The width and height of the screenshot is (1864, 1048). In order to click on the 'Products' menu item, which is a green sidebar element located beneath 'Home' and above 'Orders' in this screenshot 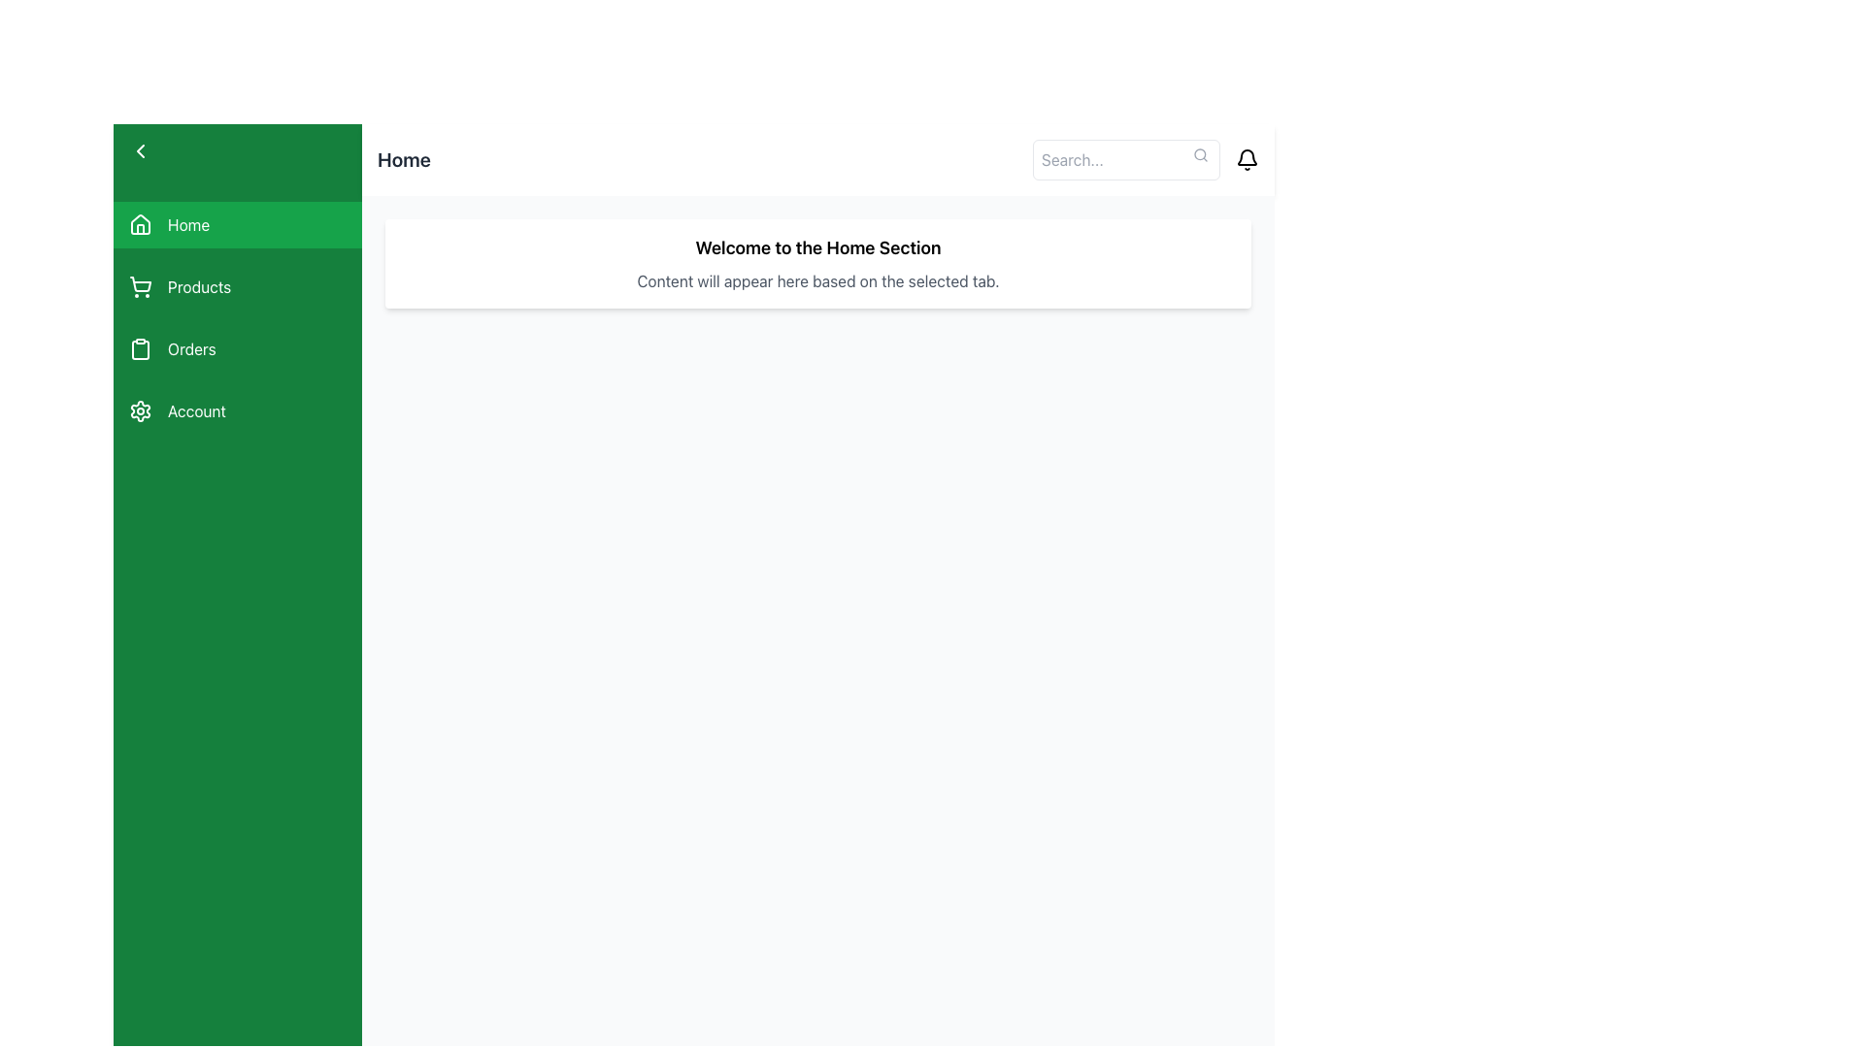, I will do `click(236, 287)`.